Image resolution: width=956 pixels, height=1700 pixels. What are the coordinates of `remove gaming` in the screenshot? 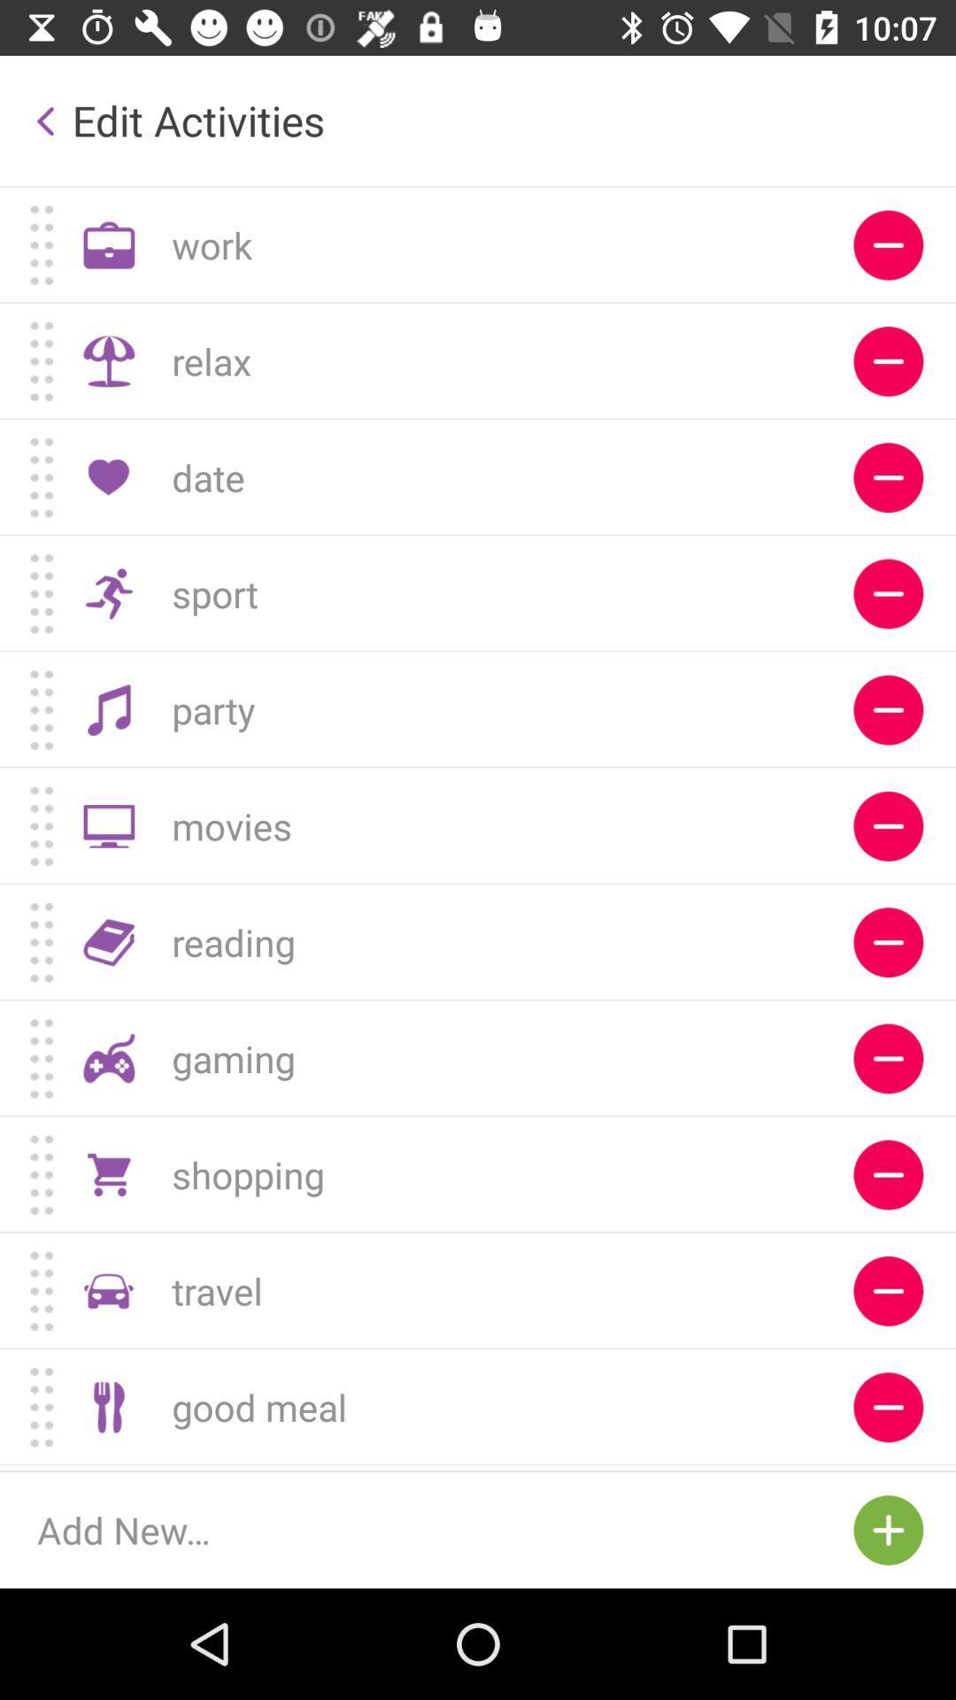 It's located at (888, 1058).